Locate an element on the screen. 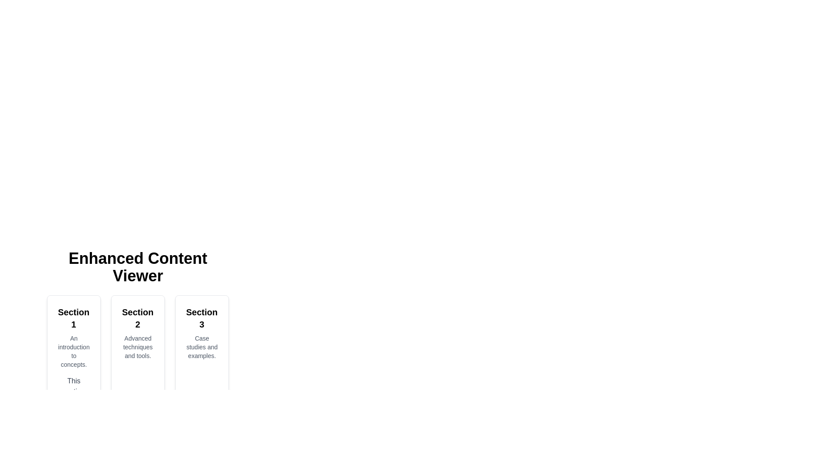  any embedded elements within the Section Overview Panel located in the leftmost column of the three-column grid layout is located at coordinates (74, 382).